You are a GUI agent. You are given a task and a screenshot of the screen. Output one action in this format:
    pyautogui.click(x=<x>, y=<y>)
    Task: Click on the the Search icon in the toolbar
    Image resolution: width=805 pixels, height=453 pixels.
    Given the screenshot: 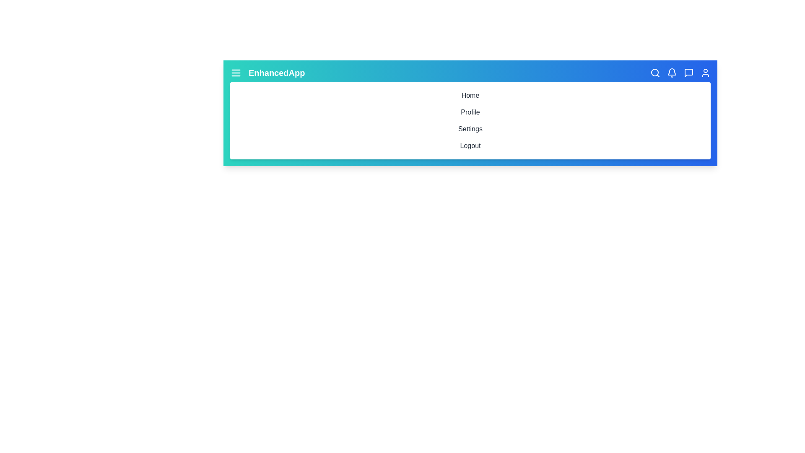 What is the action you would take?
    pyautogui.click(x=655, y=72)
    